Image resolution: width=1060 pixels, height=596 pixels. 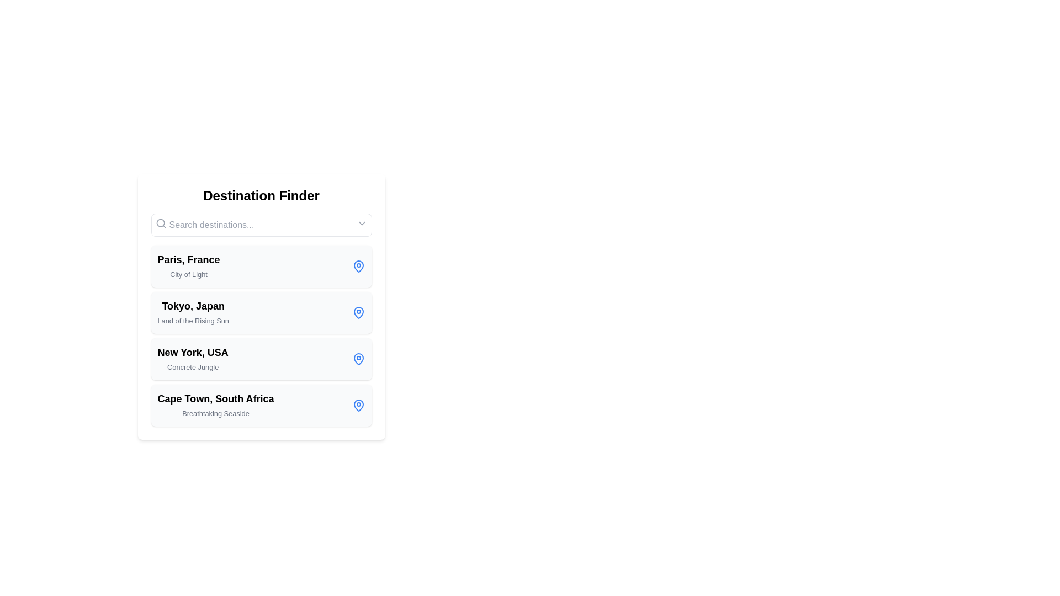 I want to click on the list item displaying 'Paris, France' in the Destination Finder panel, so click(x=261, y=266).